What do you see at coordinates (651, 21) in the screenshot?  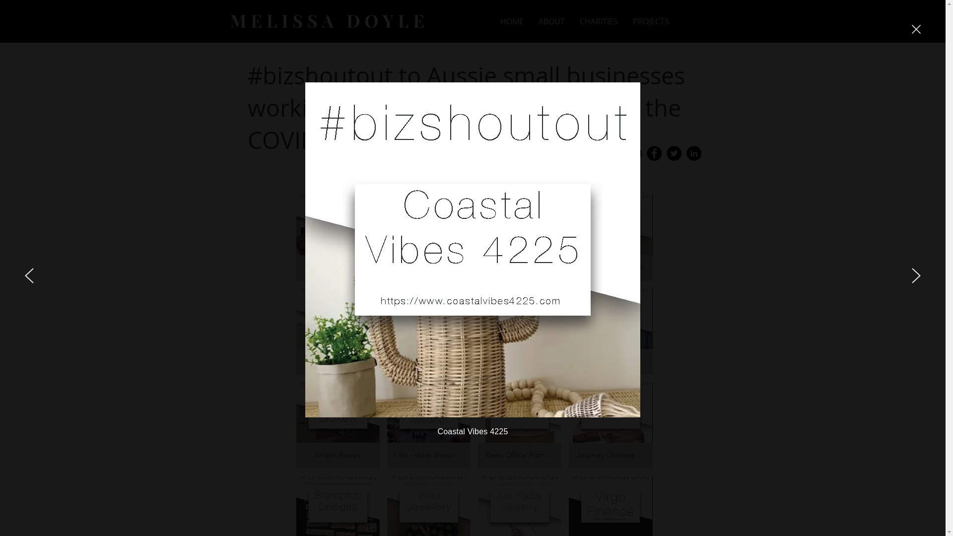 I see `'PROJECTS'` at bounding box center [651, 21].